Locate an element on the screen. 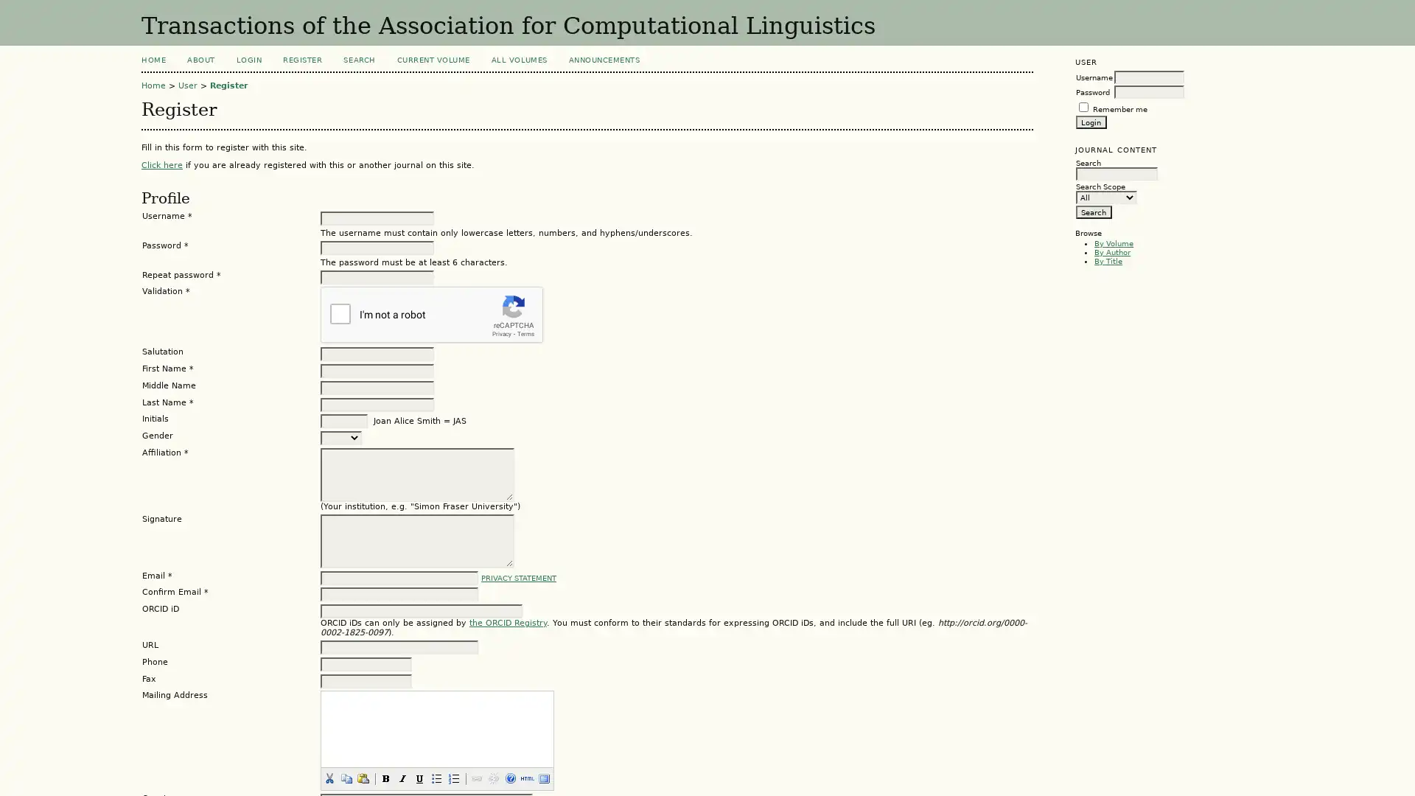  Toggle Full Screen Mode is located at coordinates (543, 778).